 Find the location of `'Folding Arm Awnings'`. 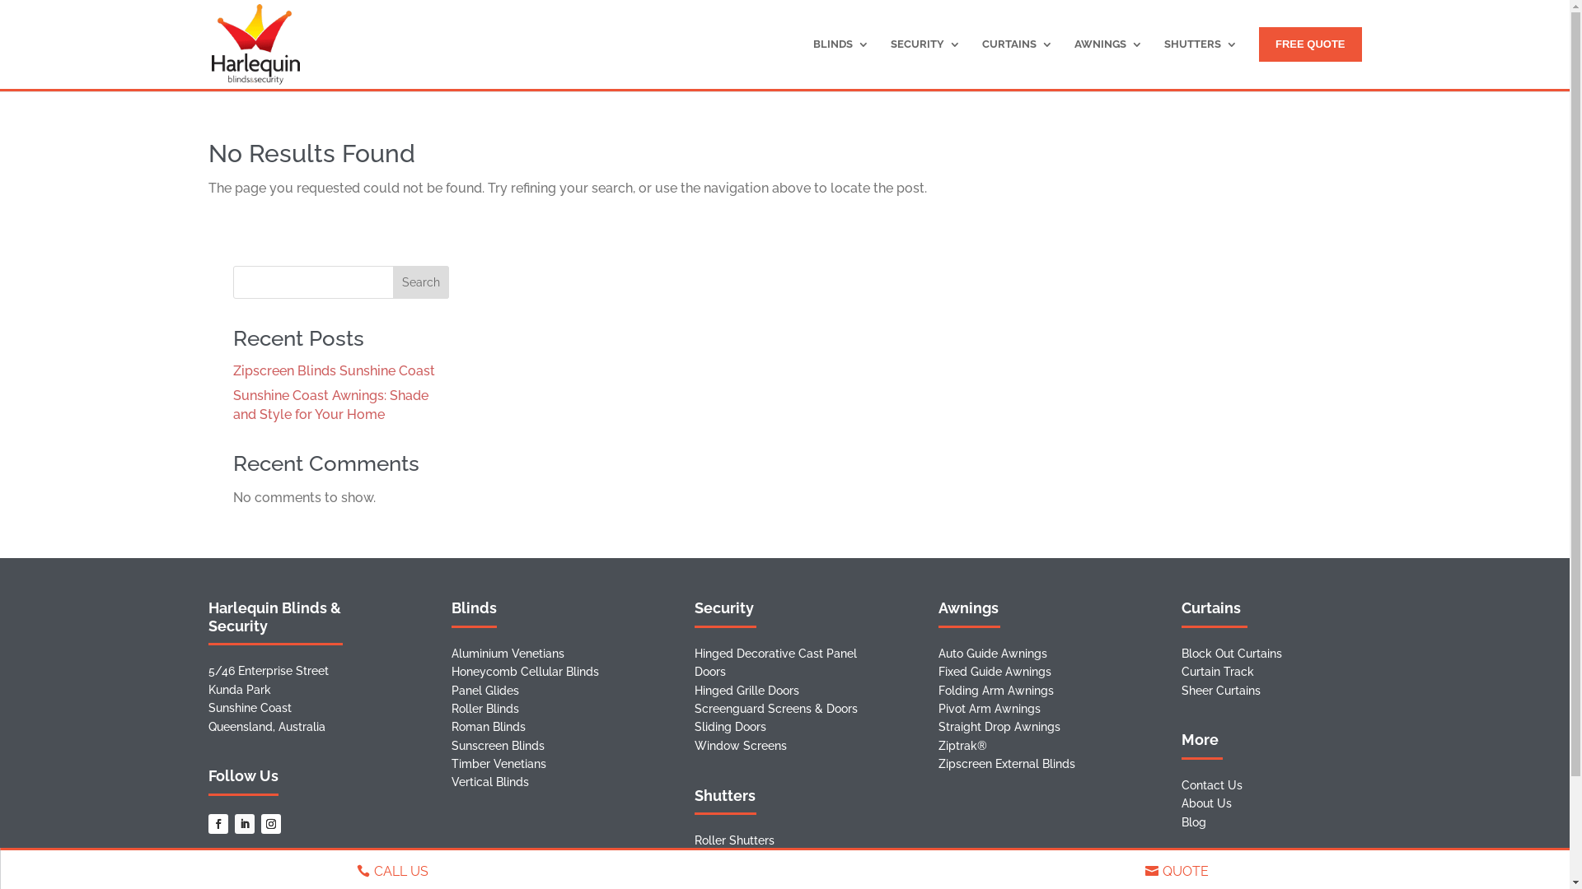

'Folding Arm Awnings' is located at coordinates (995, 691).